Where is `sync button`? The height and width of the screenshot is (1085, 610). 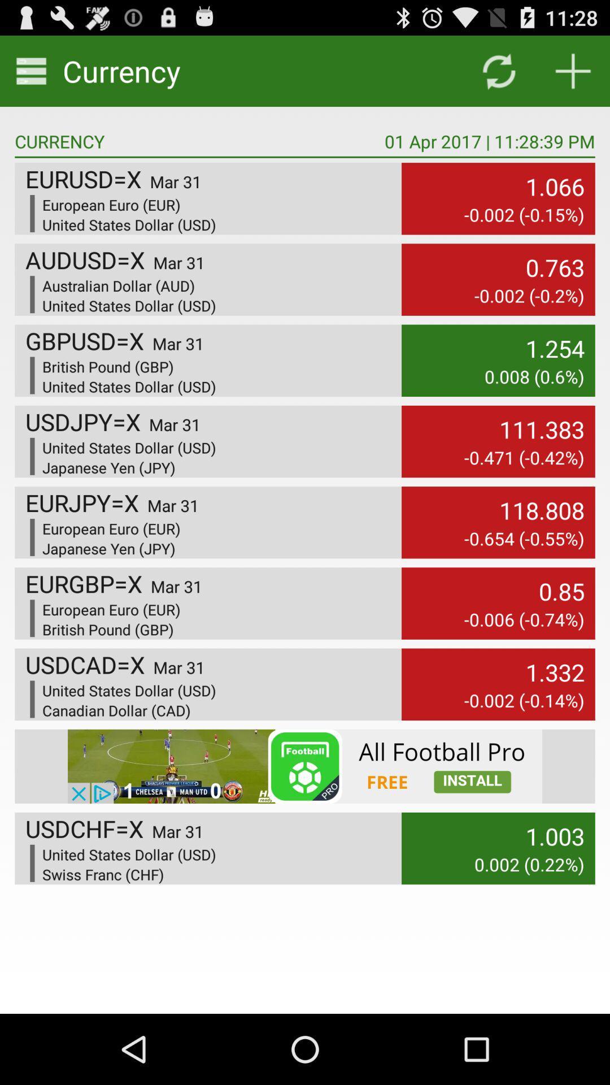 sync button is located at coordinates (498, 70).